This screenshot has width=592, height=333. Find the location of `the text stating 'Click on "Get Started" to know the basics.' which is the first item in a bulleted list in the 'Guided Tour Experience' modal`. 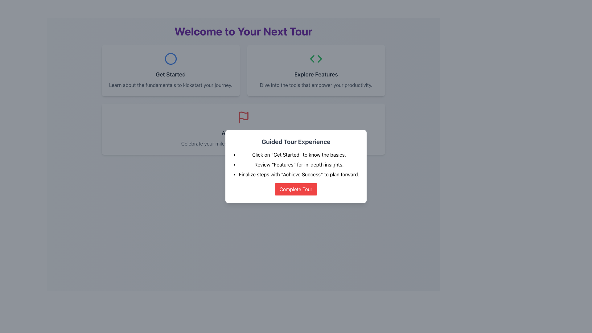

the text stating 'Click on "Get Started" to know the basics.' which is the first item in a bulleted list in the 'Guided Tour Experience' modal is located at coordinates (299, 154).